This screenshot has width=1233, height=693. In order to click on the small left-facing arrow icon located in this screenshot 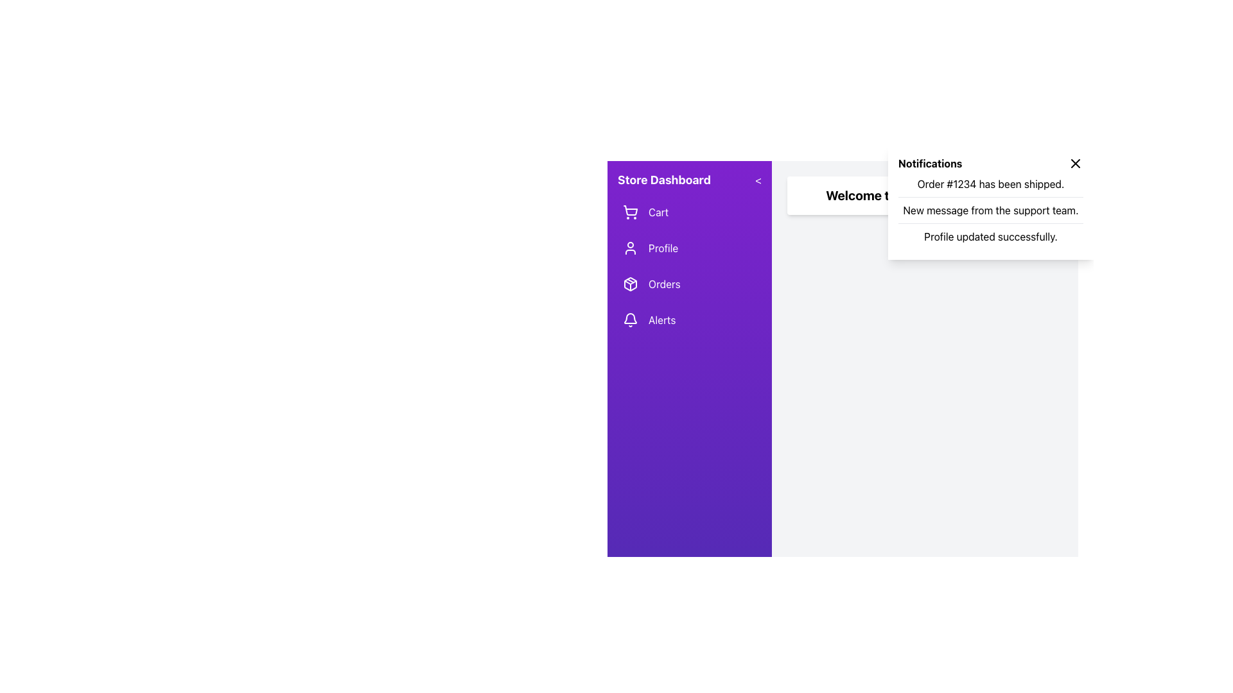, I will do `click(758, 180)`.